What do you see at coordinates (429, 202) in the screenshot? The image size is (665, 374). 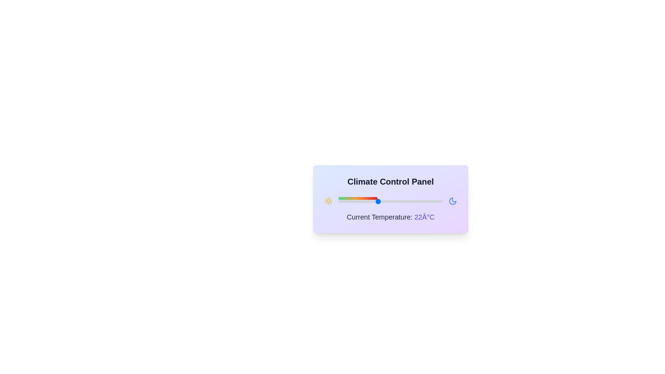 I see `the temperature` at bounding box center [429, 202].